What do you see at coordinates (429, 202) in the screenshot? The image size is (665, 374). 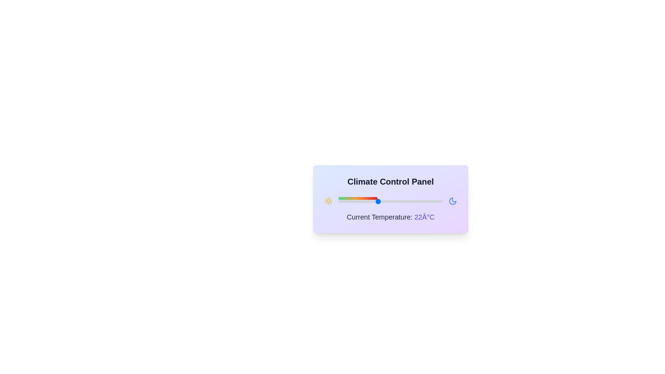 I see `the temperature` at bounding box center [429, 202].